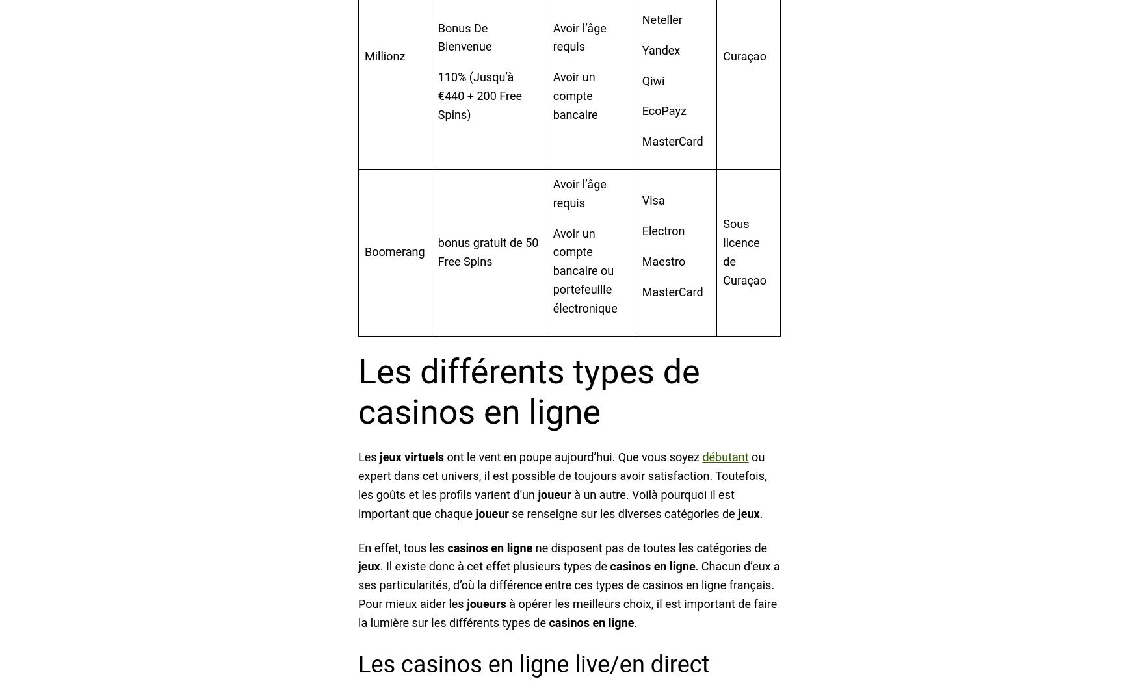  Describe the element at coordinates (443, 457) in the screenshot. I see `'ont le vent en poupe aujourd’hui. Que vous soyez'` at that location.